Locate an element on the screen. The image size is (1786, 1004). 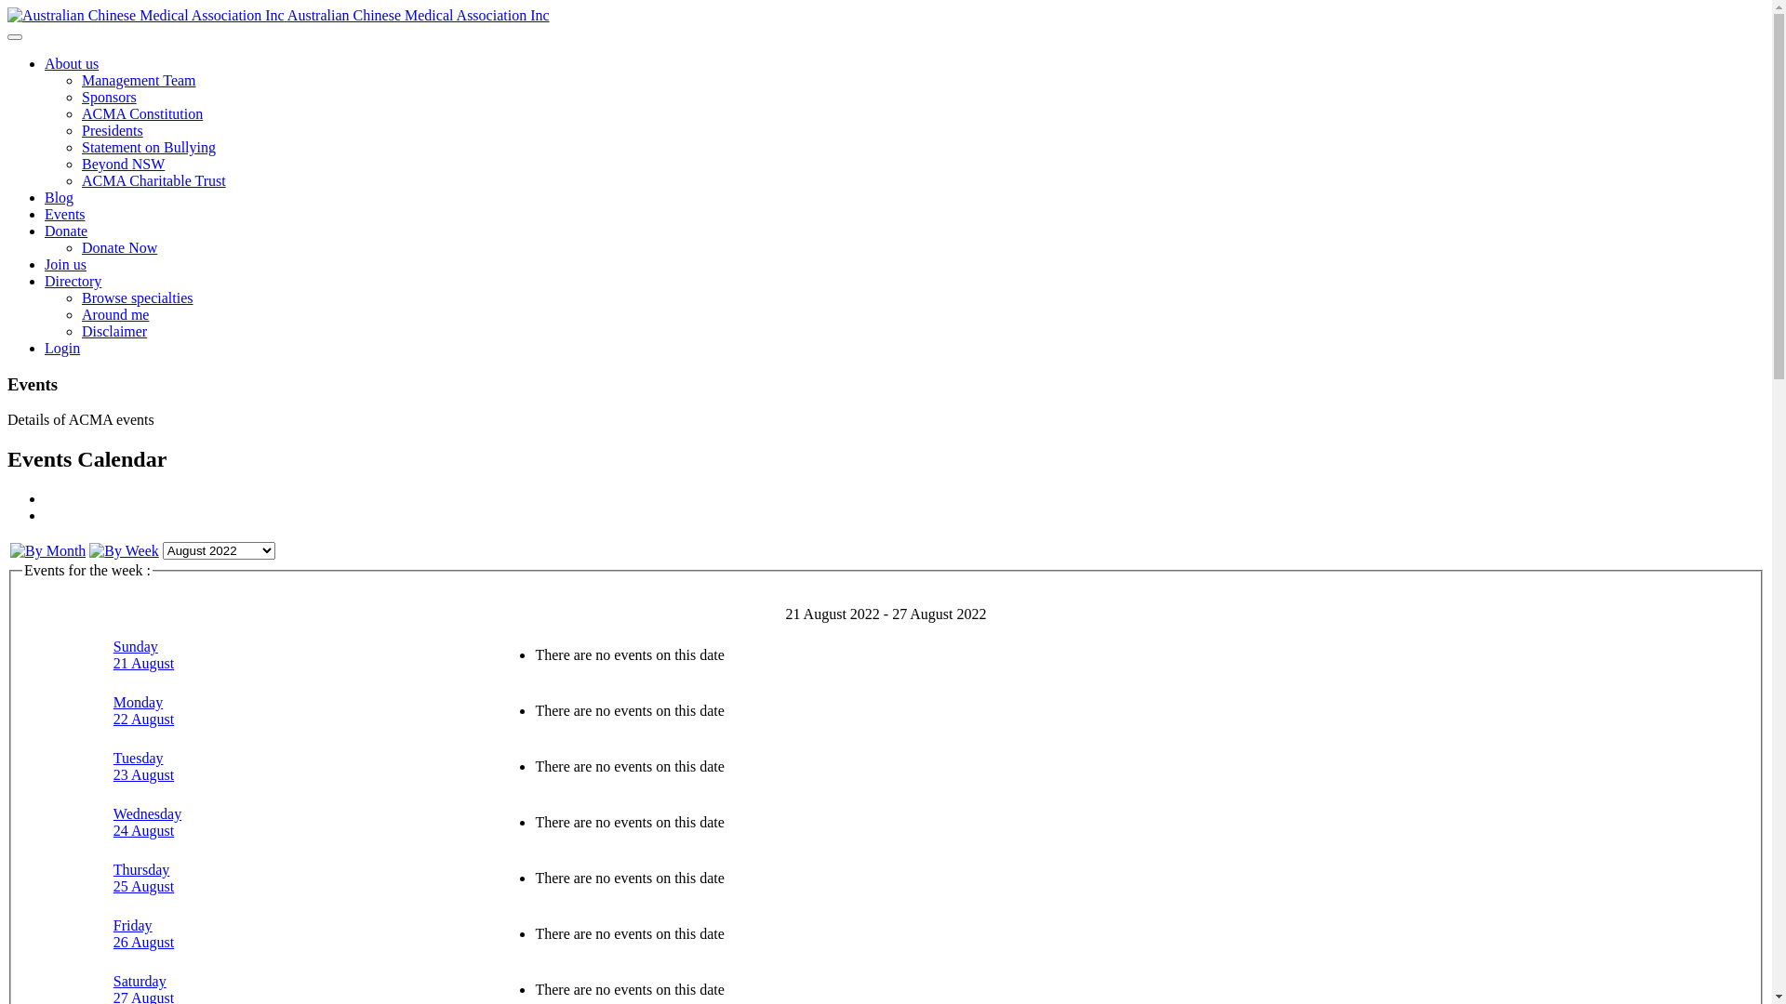
'Thursday is located at coordinates (142, 878).